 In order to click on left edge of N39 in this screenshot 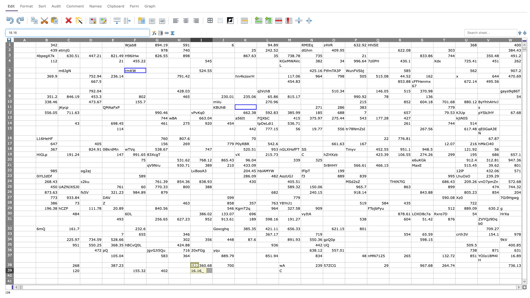, I will do `click(300, 270)`.